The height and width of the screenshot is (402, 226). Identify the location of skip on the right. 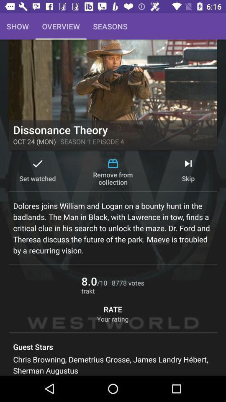
(188, 171).